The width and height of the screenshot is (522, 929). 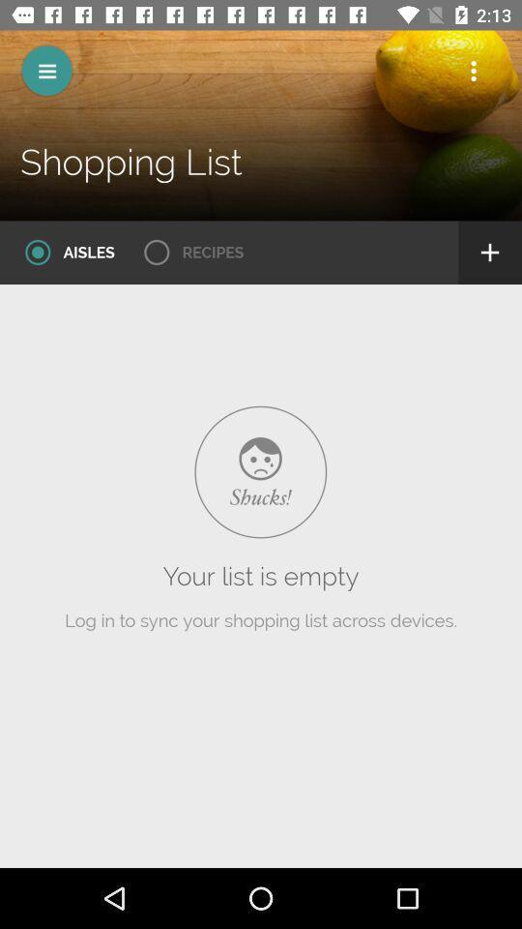 I want to click on menu, so click(x=46, y=71).